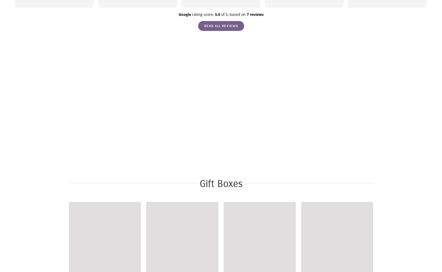  I want to click on 'rating score:', so click(191, 14).